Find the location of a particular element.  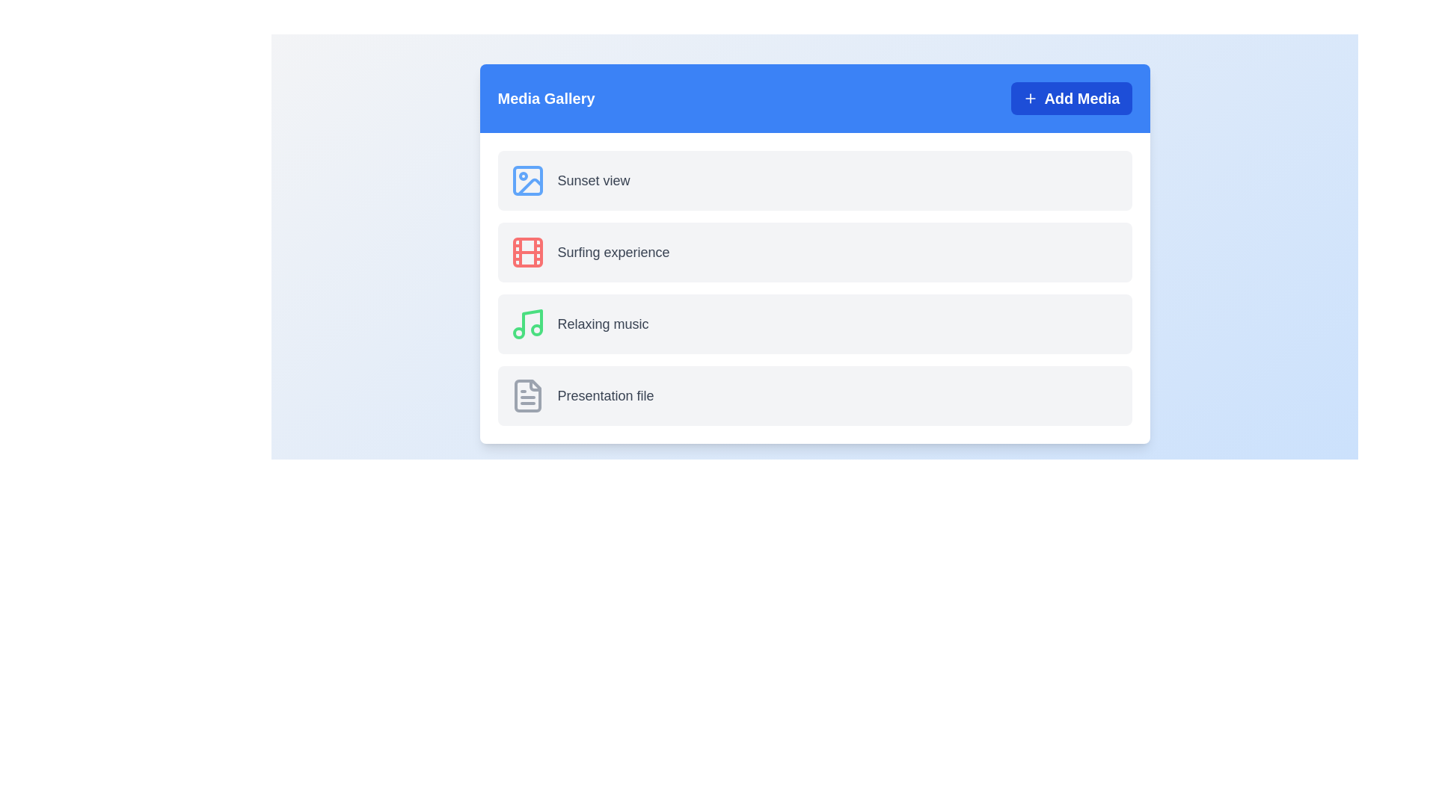

the small circular icon with a green stroke and a red fill, which represents a music note in the 'Media Gallery' under the 'Relaxing music' section is located at coordinates (536, 330).